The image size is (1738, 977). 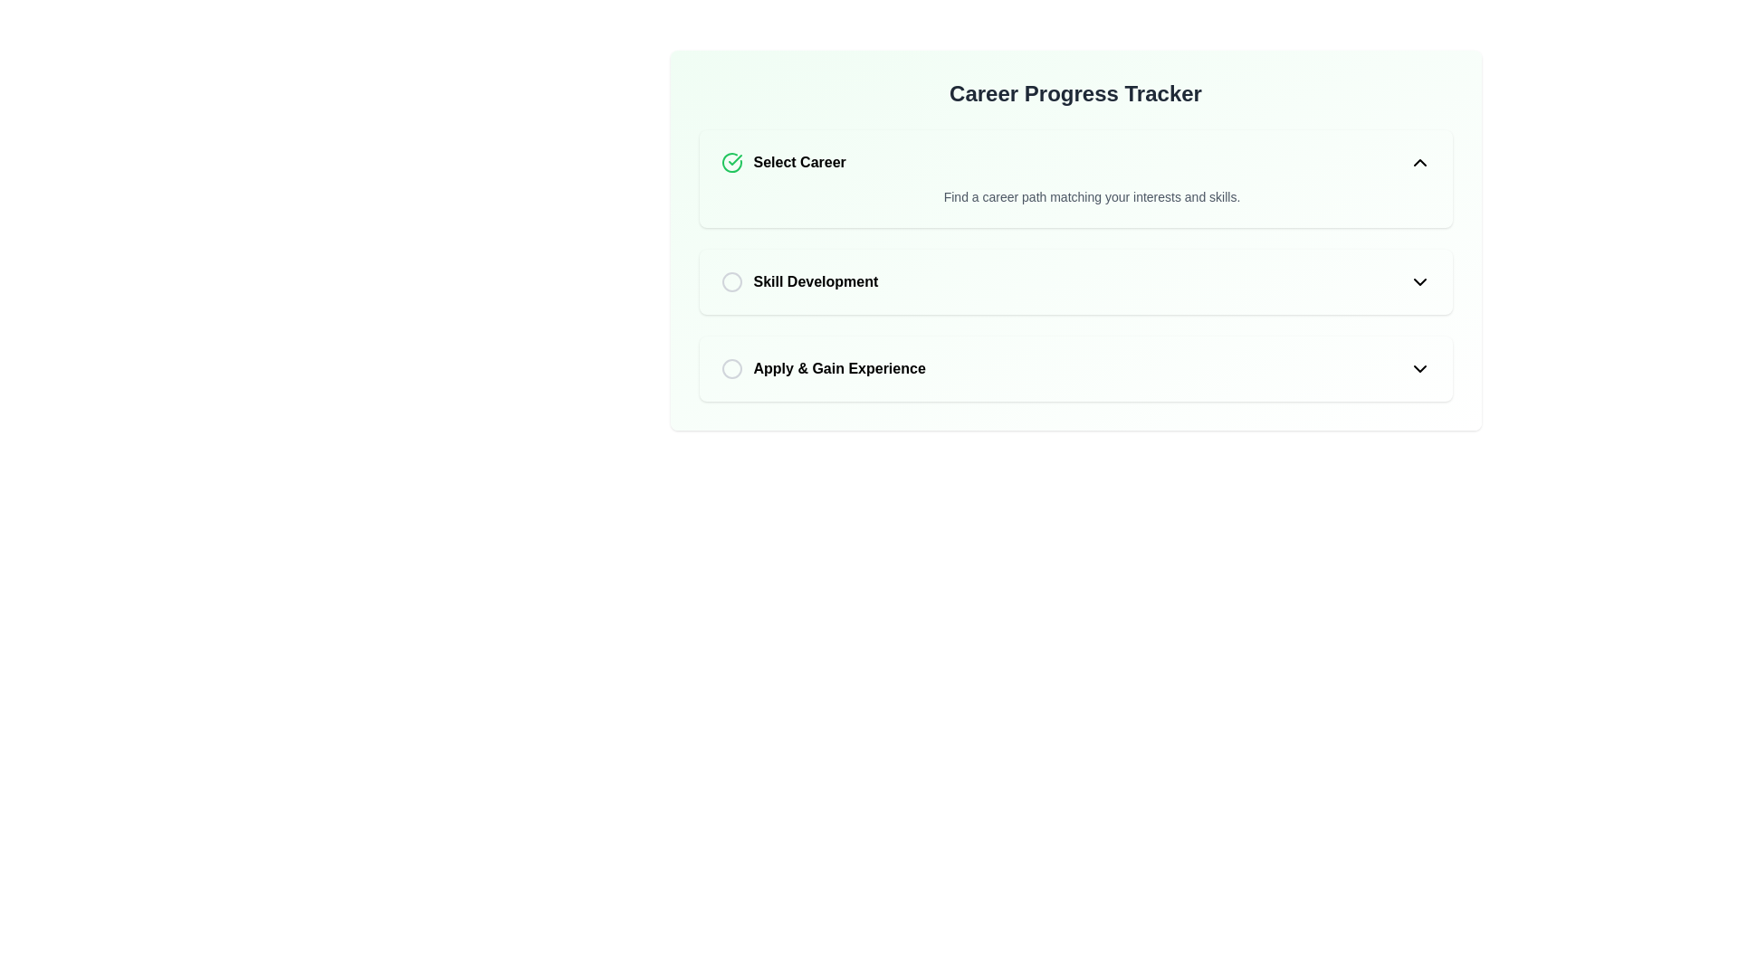 I want to click on the chevron-down icon located at the far right of the 'Skill Development' list item, so click(x=1418, y=282).